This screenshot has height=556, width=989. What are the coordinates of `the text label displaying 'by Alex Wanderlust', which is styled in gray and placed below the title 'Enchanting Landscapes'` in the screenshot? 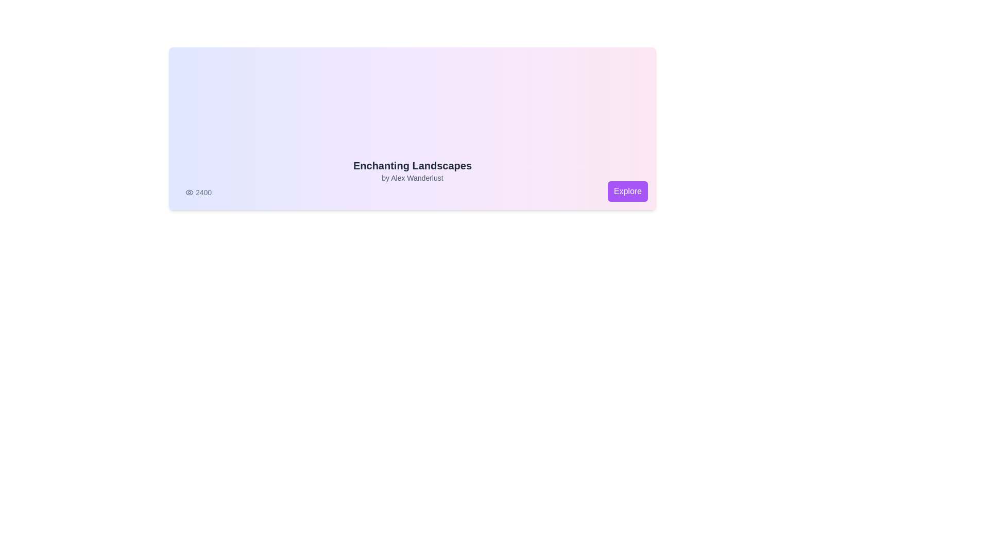 It's located at (413, 178).